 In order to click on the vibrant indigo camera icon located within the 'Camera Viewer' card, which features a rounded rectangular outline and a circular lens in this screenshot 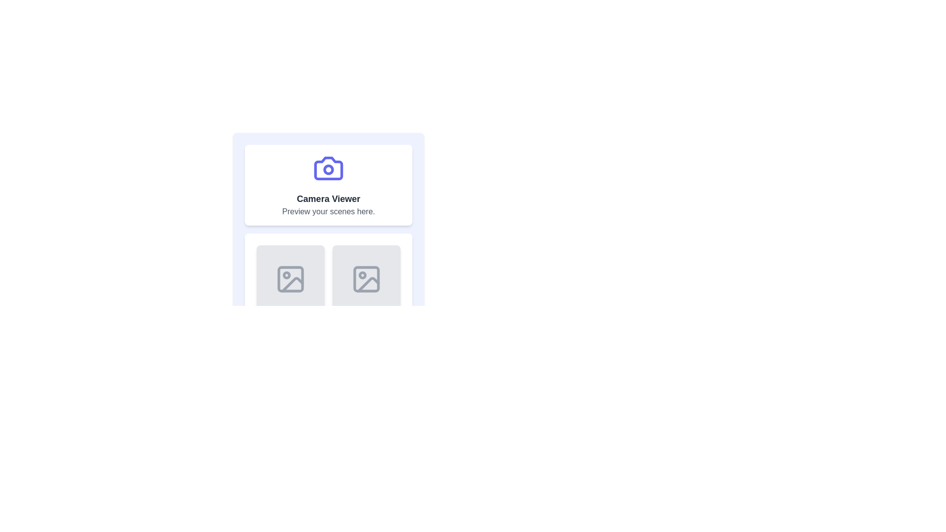, I will do `click(329, 168)`.